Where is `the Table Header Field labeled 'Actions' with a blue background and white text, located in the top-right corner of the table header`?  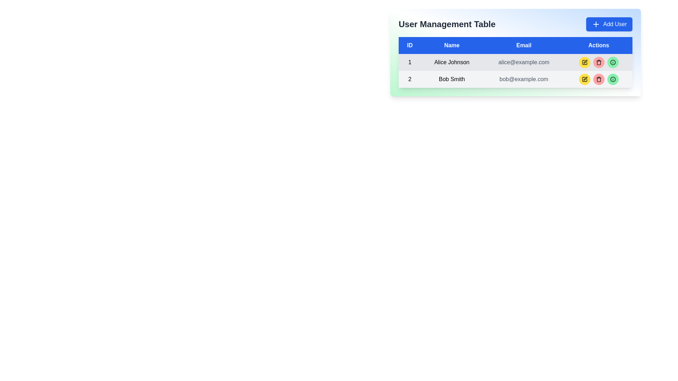
the Table Header Field labeled 'Actions' with a blue background and white text, located in the top-right corner of the table header is located at coordinates (598, 45).